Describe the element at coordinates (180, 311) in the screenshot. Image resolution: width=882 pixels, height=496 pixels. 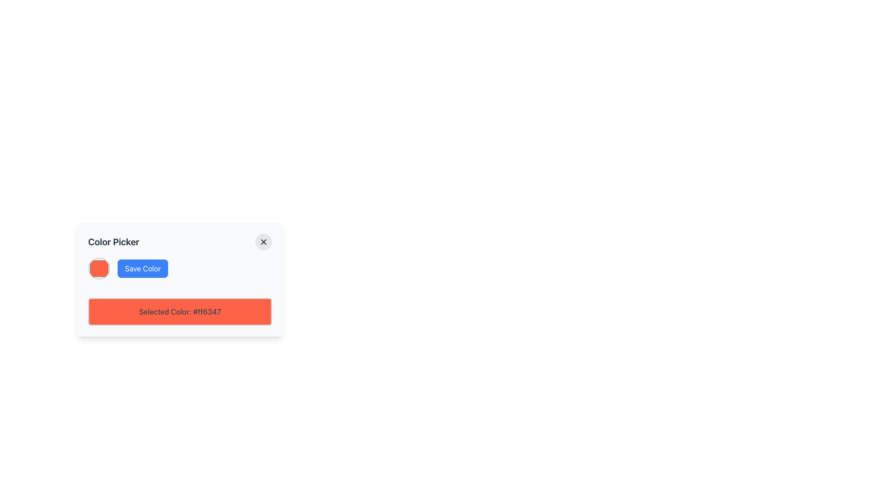
I see `the Text Label that displays the currently selected color in hexadecimal format, located beneath the 'Save Color' button` at that location.